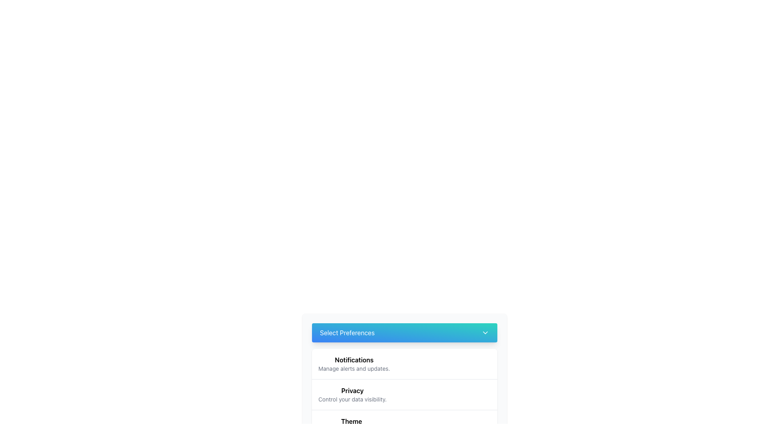  What do you see at coordinates (485, 332) in the screenshot?
I see `the downward-facing chevron icon on the right side of the 'Select Preferences' title bar` at bounding box center [485, 332].